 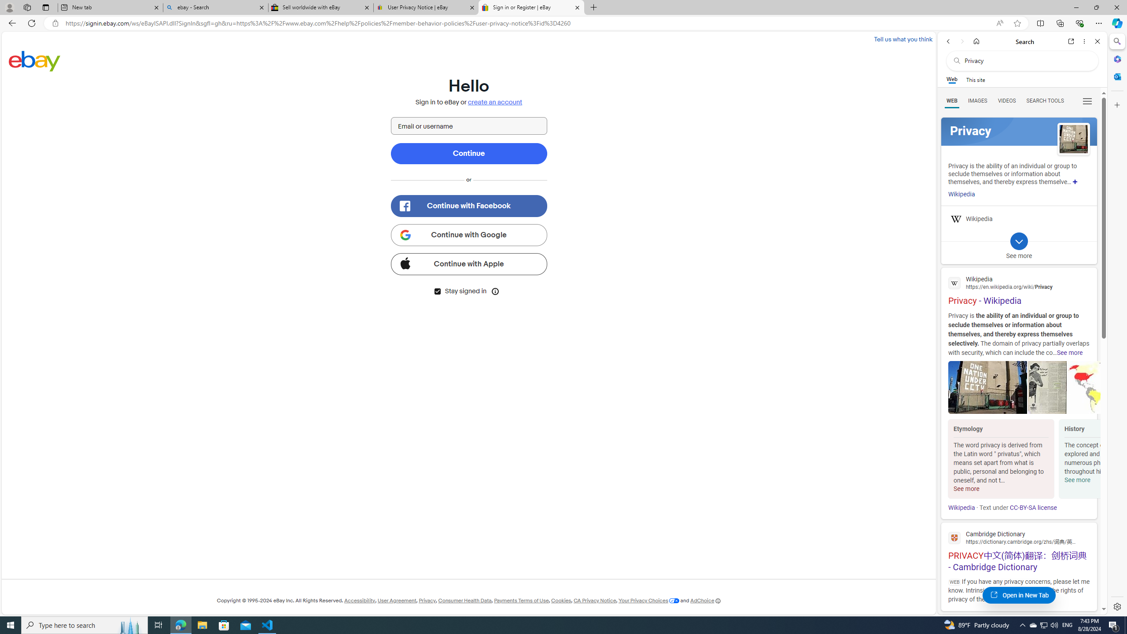 What do you see at coordinates (705, 600) in the screenshot?
I see `'AdChoice'` at bounding box center [705, 600].